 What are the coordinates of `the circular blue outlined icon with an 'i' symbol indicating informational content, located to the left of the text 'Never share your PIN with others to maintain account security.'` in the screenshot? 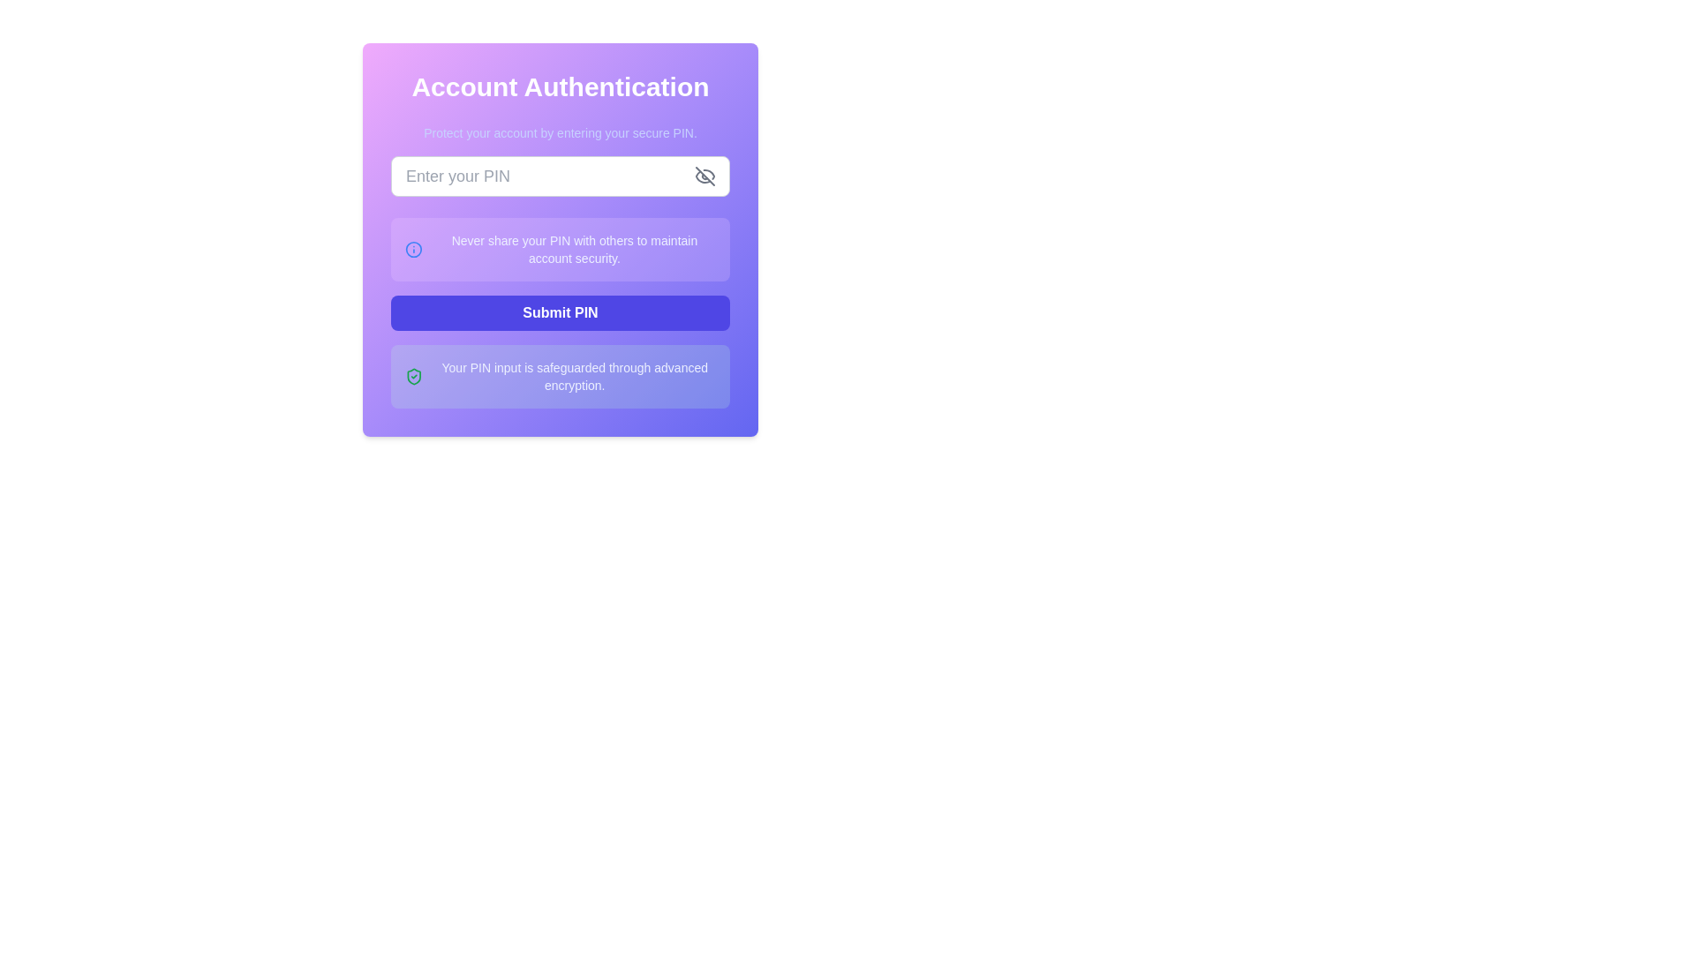 It's located at (412, 249).